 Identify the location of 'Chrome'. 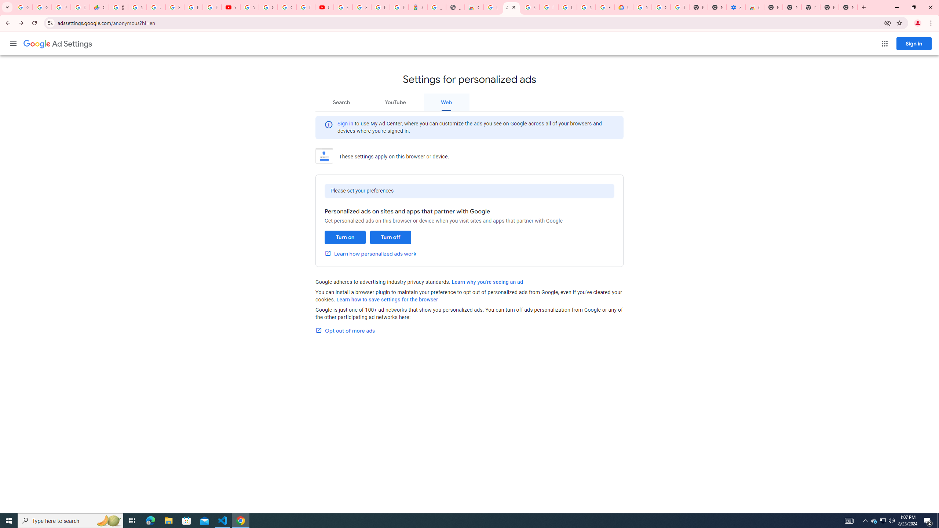
(931, 23).